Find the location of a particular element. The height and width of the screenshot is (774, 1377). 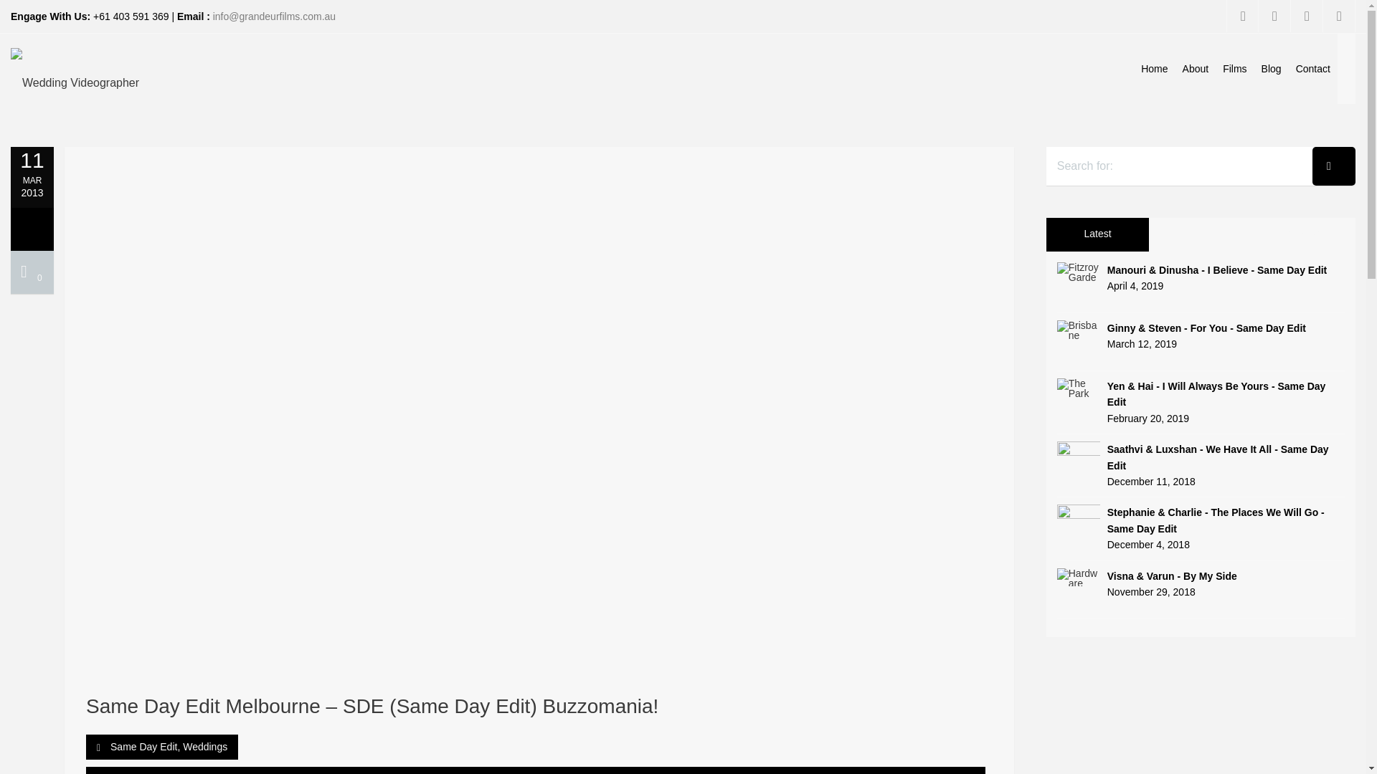

'Films' is located at coordinates (1234, 69).